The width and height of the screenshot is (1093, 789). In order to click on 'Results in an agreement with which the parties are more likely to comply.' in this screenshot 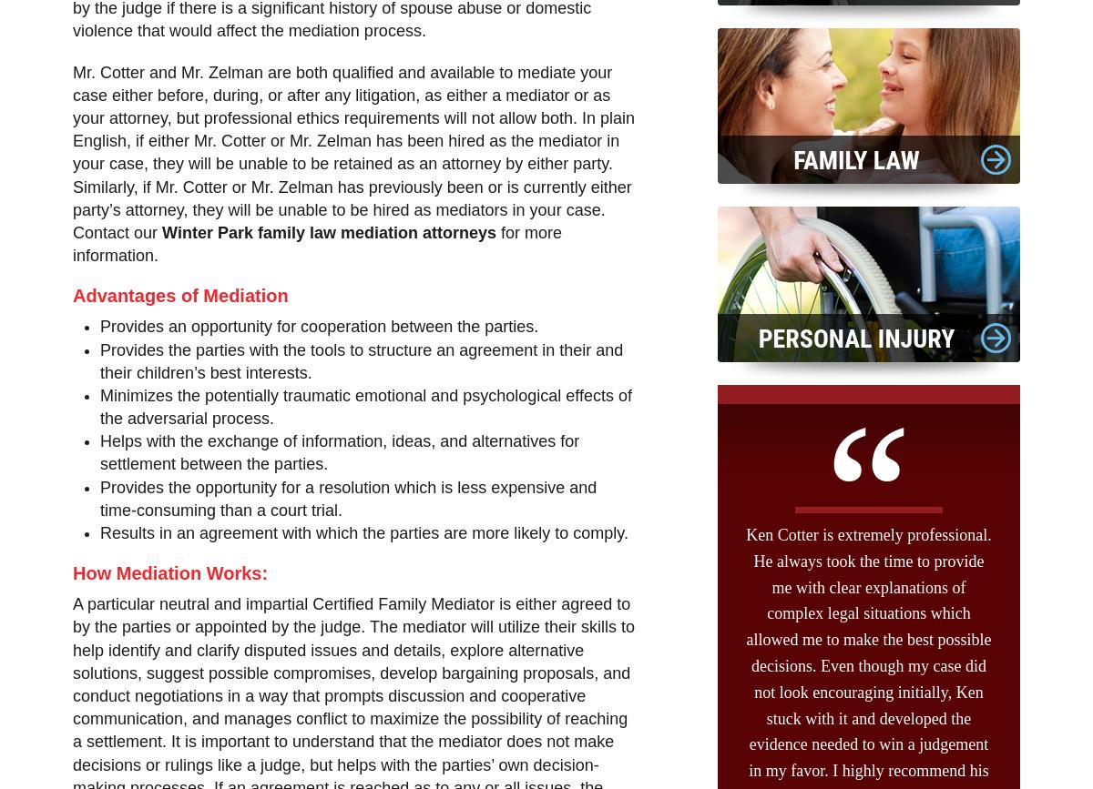, I will do `click(363, 532)`.